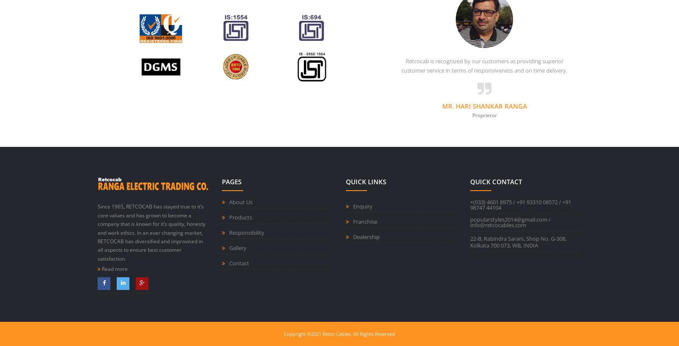 Image resolution: width=679 pixels, height=346 pixels. What do you see at coordinates (221, 182) in the screenshot?
I see `'Pages'` at bounding box center [221, 182].